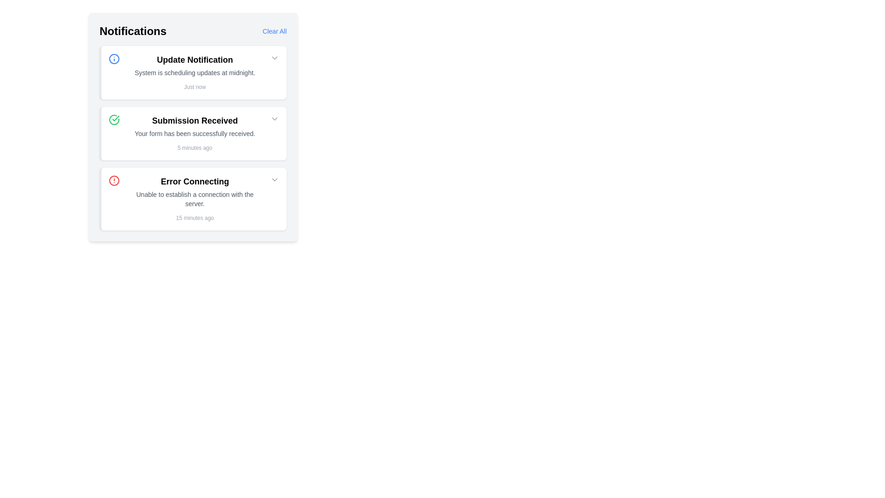 The height and width of the screenshot is (498, 885). What do you see at coordinates (194, 133) in the screenshot?
I see `the second notification block that displays the message 'Submission Received' with additional information 'Your form has been successfully received.' and a timestamp '5 minutes ago'` at bounding box center [194, 133].